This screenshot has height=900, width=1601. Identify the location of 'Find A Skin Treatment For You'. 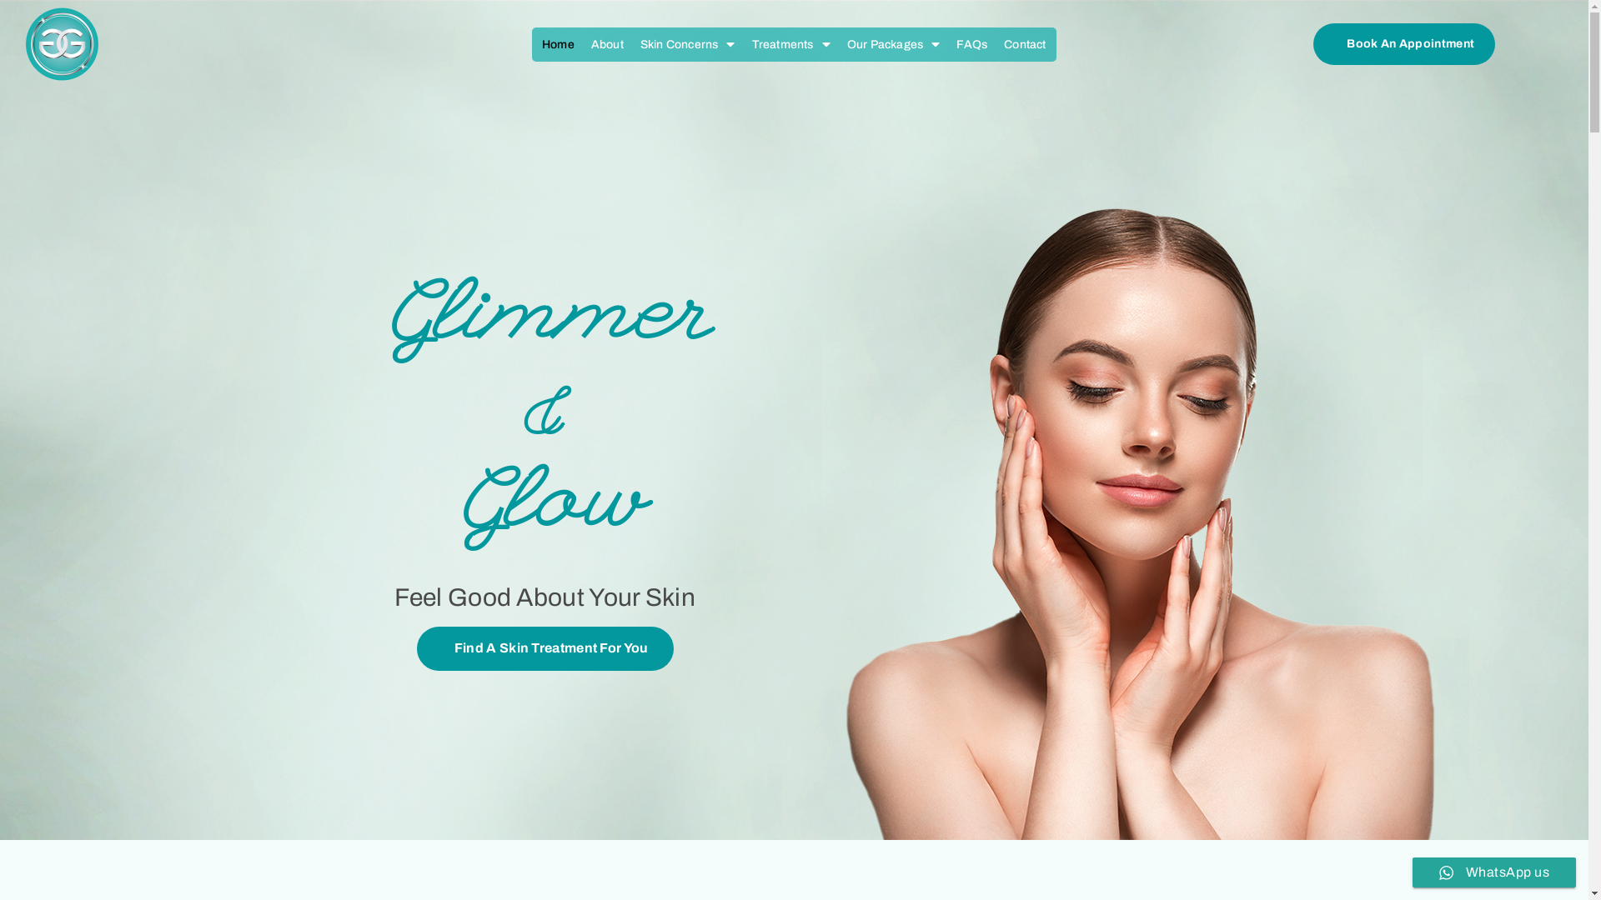
(545, 647).